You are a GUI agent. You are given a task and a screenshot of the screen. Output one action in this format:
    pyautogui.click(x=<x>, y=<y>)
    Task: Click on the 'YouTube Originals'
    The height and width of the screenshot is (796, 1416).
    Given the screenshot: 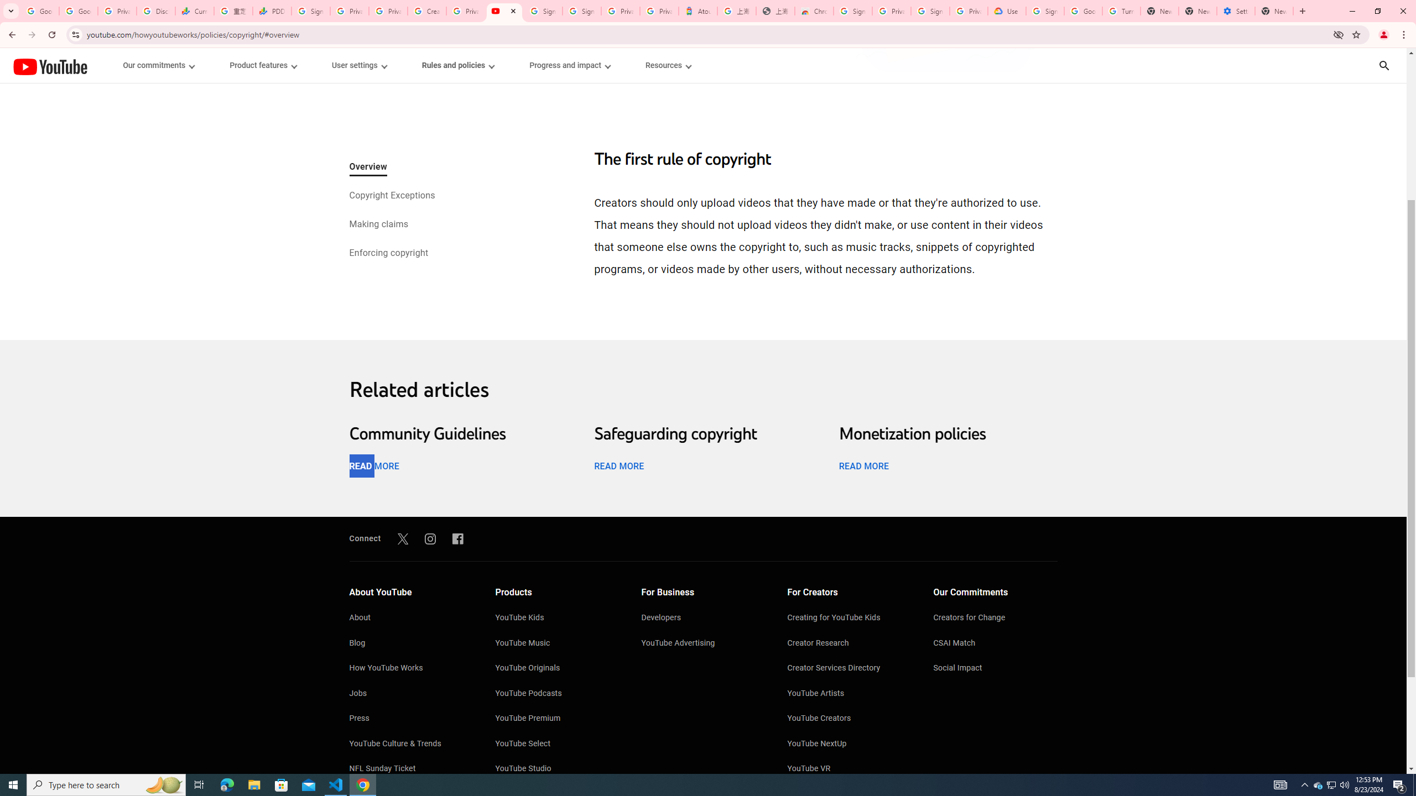 What is the action you would take?
    pyautogui.click(x=557, y=669)
    